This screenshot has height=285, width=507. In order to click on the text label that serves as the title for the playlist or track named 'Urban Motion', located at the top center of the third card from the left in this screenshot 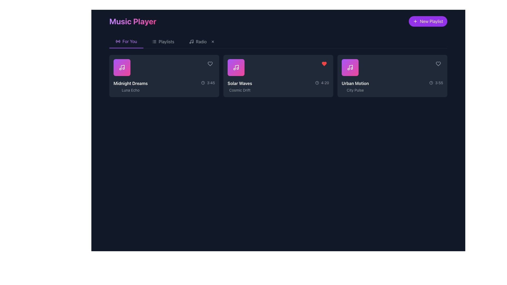, I will do `click(355, 83)`.